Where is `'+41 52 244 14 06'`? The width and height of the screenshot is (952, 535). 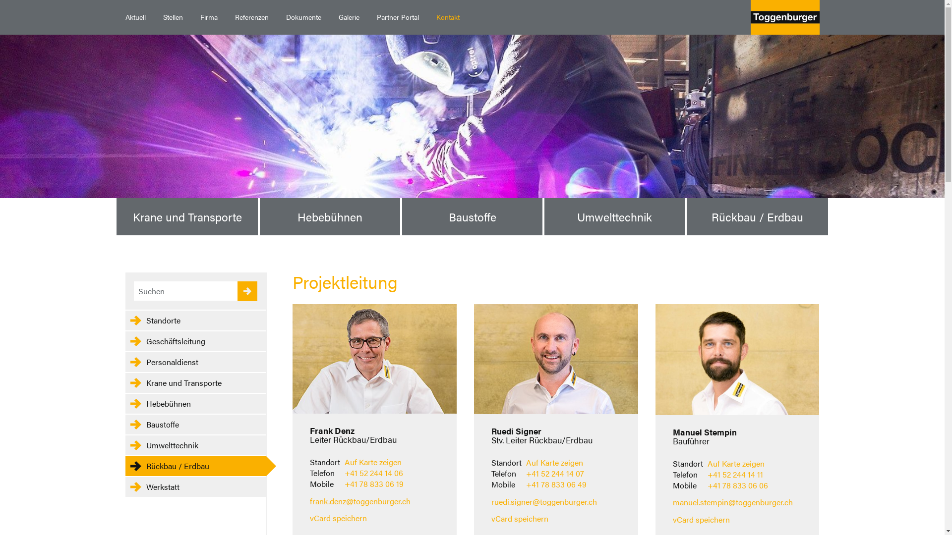 '+41 52 244 14 06' is located at coordinates (373, 472).